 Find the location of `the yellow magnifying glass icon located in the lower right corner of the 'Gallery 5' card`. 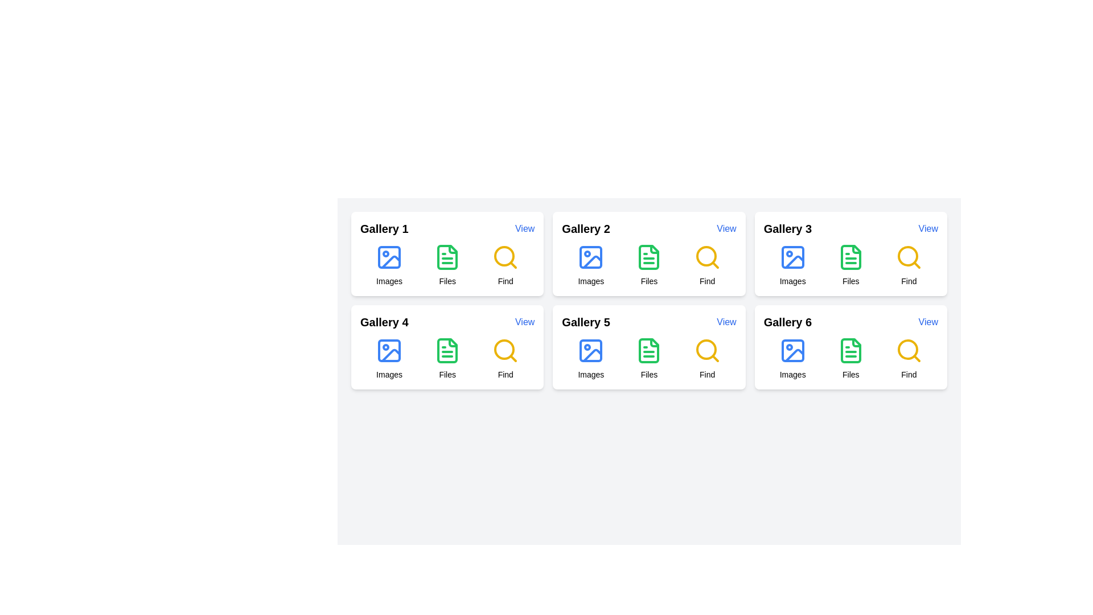

the yellow magnifying glass icon located in the lower right corner of the 'Gallery 5' card is located at coordinates (706, 350).